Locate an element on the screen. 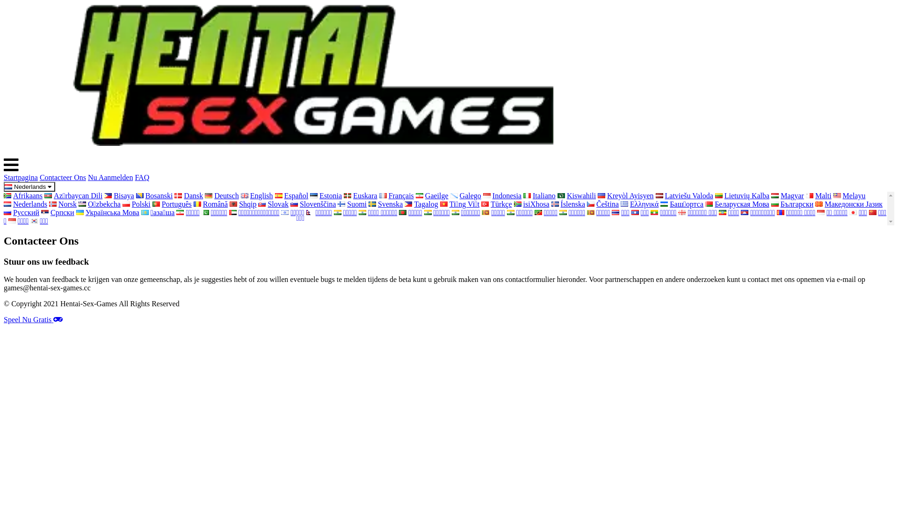  'Nu Aanmelden' is located at coordinates (110, 177).